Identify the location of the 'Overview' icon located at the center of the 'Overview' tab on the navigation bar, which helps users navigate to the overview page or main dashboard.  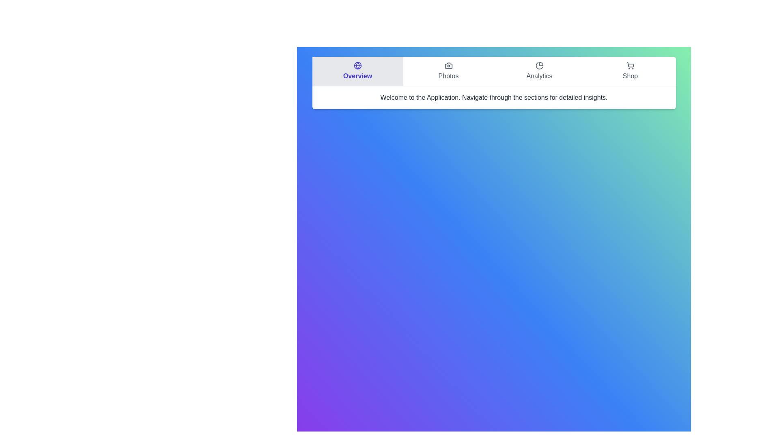
(357, 65).